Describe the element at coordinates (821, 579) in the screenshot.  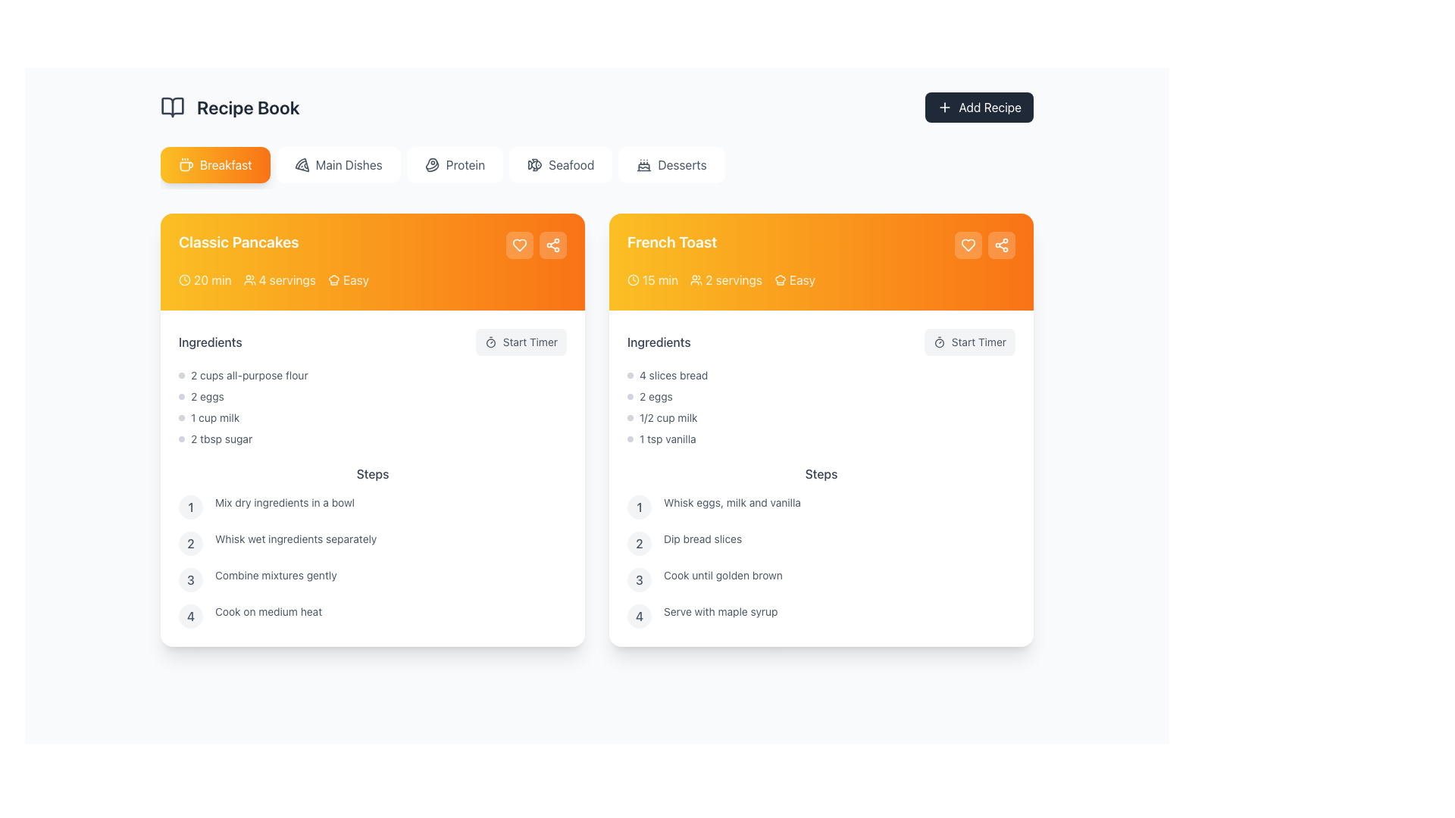
I see `the third step in the recipe preparation instructions for 'French Toast' which instructs to 'Cook until golden brown'` at that location.